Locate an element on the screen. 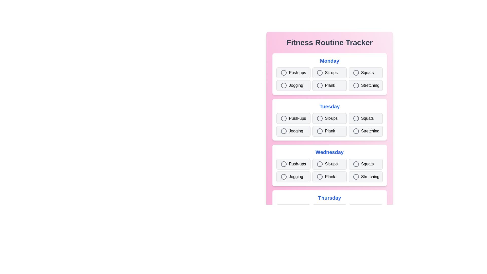 The image size is (487, 274). the exercise Squats for the day Monday is located at coordinates (365, 73).